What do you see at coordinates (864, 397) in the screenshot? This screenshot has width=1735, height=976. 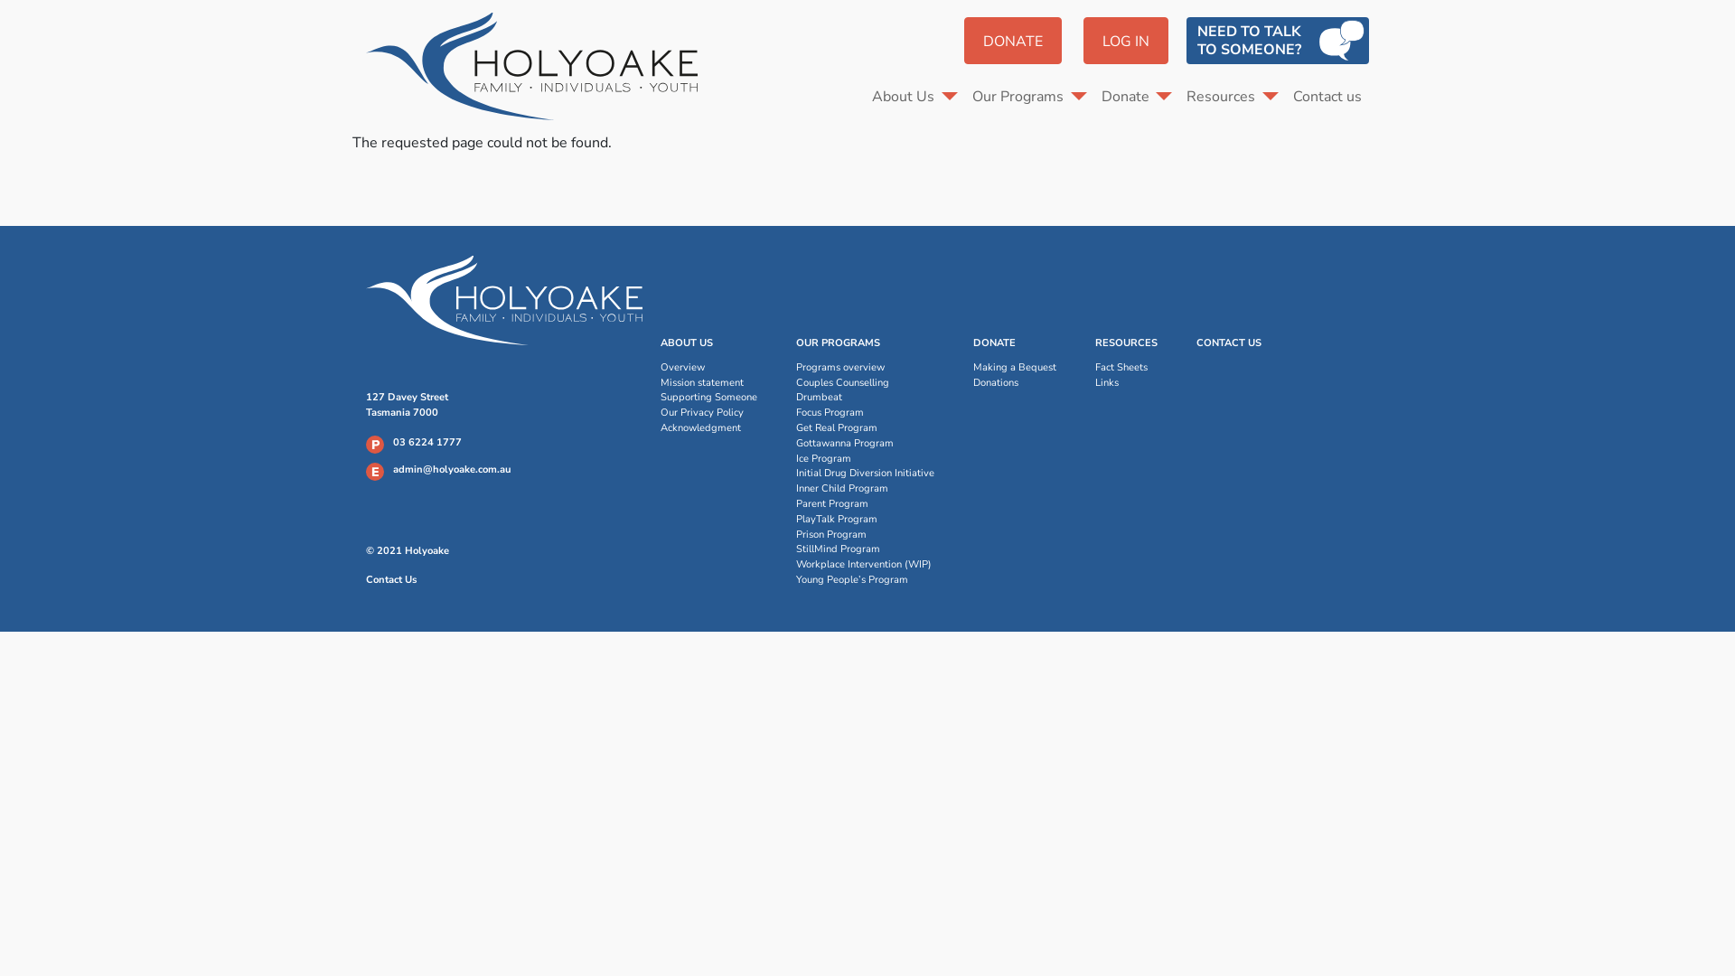 I see `'Drumbeat'` at bounding box center [864, 397].